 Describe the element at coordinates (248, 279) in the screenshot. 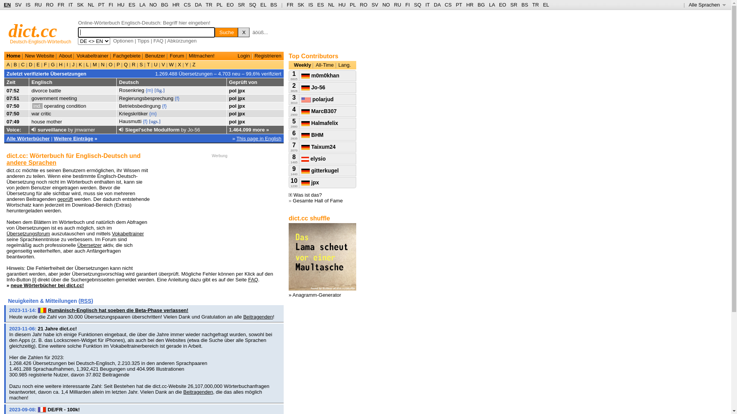

I see `'FAQ'` at that location.